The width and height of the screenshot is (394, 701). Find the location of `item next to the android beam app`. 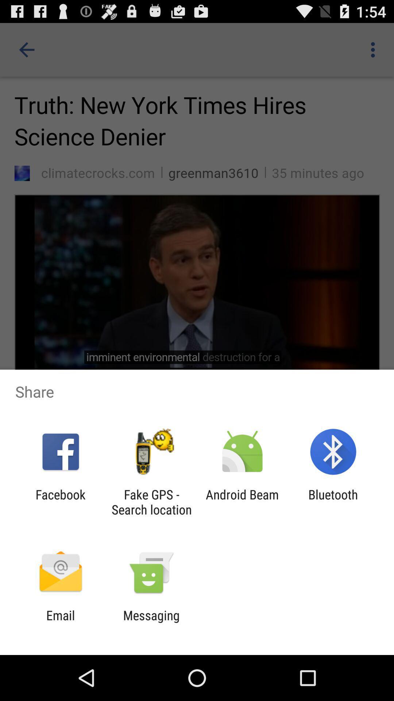

item next to the android beam app is located at coordinates (333, 502).